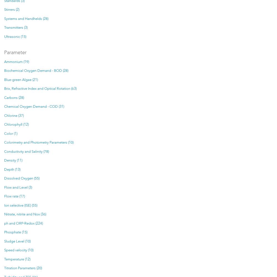  What do you see at coordinates (4, 142) in the screenshot?
I see `'Colorimetry and Photometry Parameters (10)'` at bounding box center [4, 142].